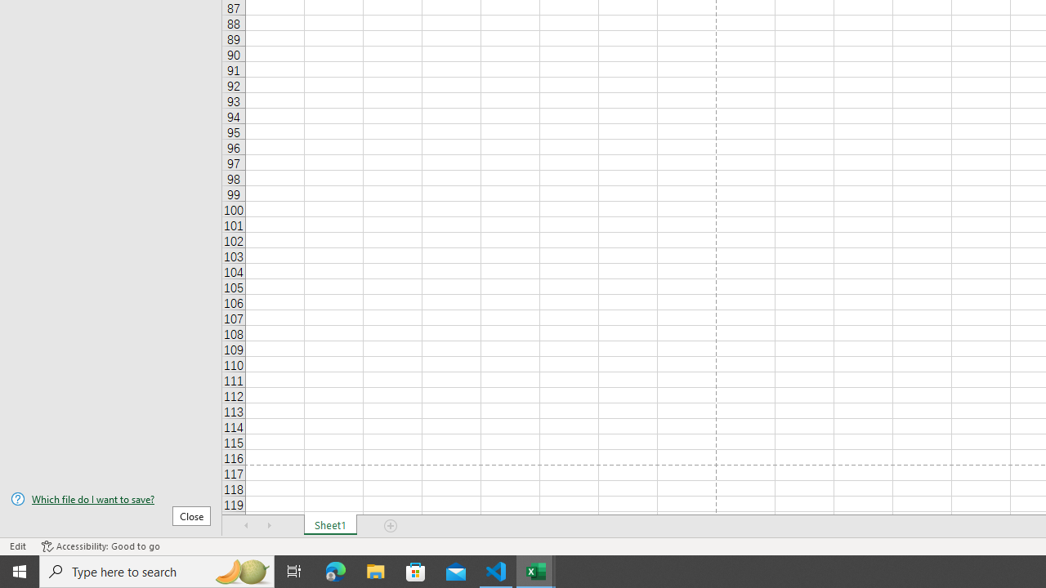 This screenshot has height=588, width=1046. I want to click on 'Add Sheet', so click(390, 526).